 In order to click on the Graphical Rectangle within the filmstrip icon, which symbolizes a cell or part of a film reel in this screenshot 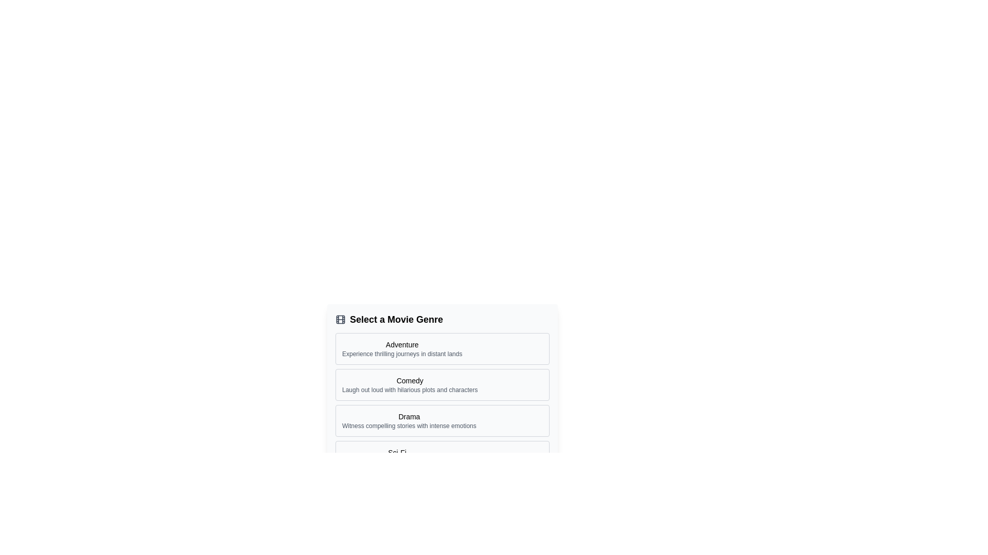, I will do `click(341, 319)`.